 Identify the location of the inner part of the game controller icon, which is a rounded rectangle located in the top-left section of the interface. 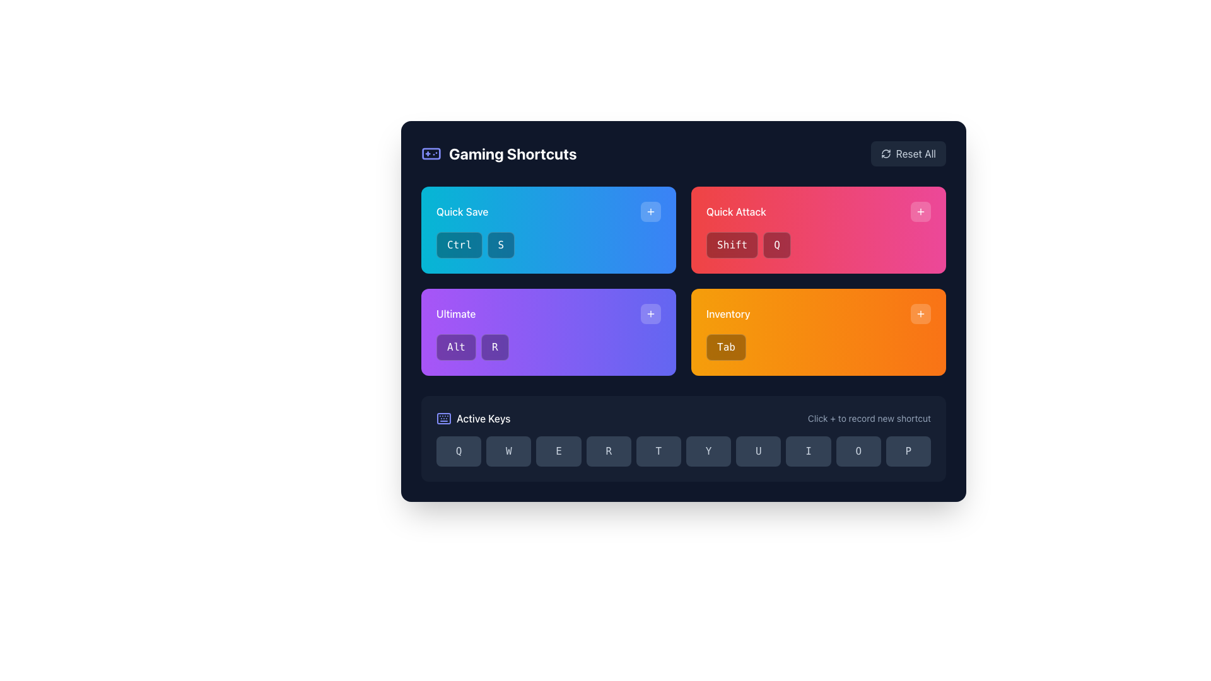
(431, 153).